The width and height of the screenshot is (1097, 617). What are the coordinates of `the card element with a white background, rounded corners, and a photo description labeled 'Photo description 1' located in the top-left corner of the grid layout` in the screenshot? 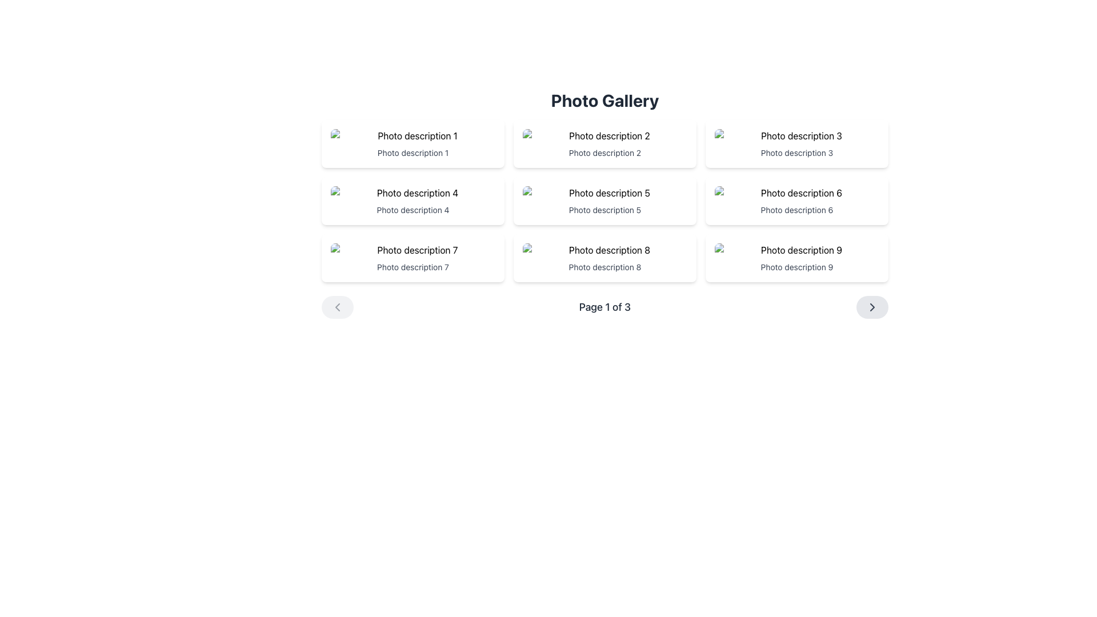 It's located at (413, 143).